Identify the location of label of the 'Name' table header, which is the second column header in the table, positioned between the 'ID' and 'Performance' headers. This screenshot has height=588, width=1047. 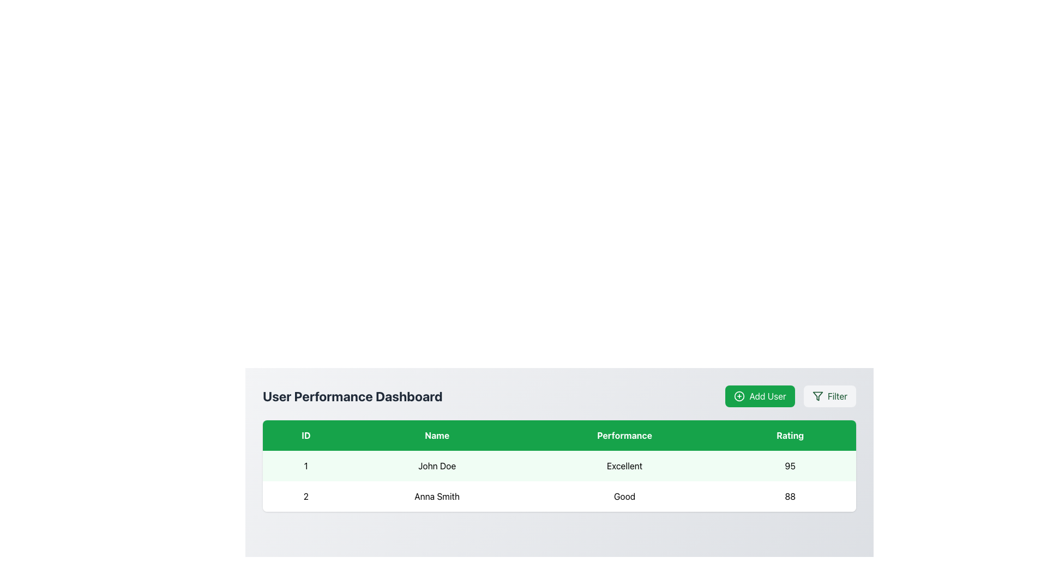
(437, 434).